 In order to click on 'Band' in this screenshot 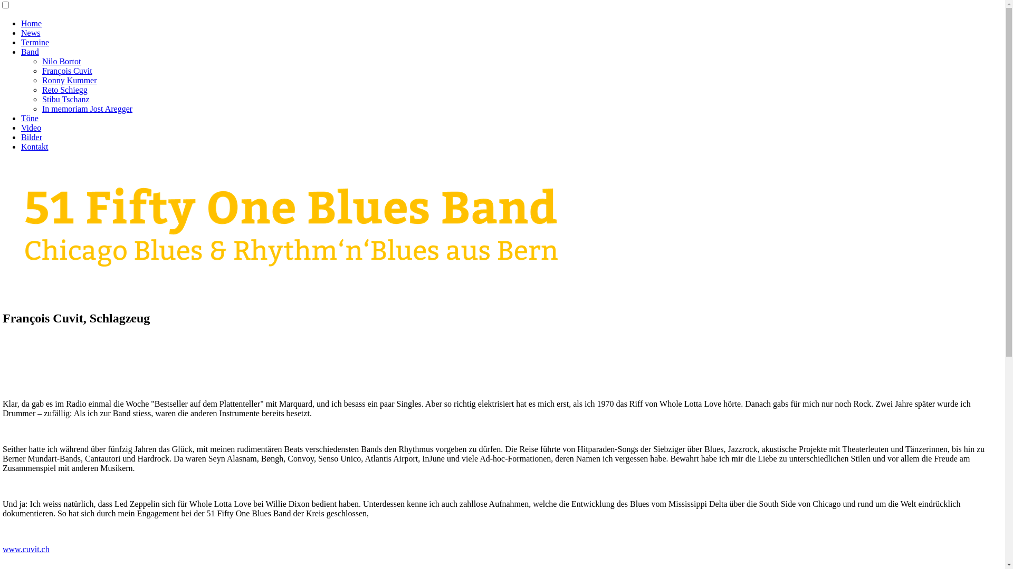, I will do `click(30, 52)`.